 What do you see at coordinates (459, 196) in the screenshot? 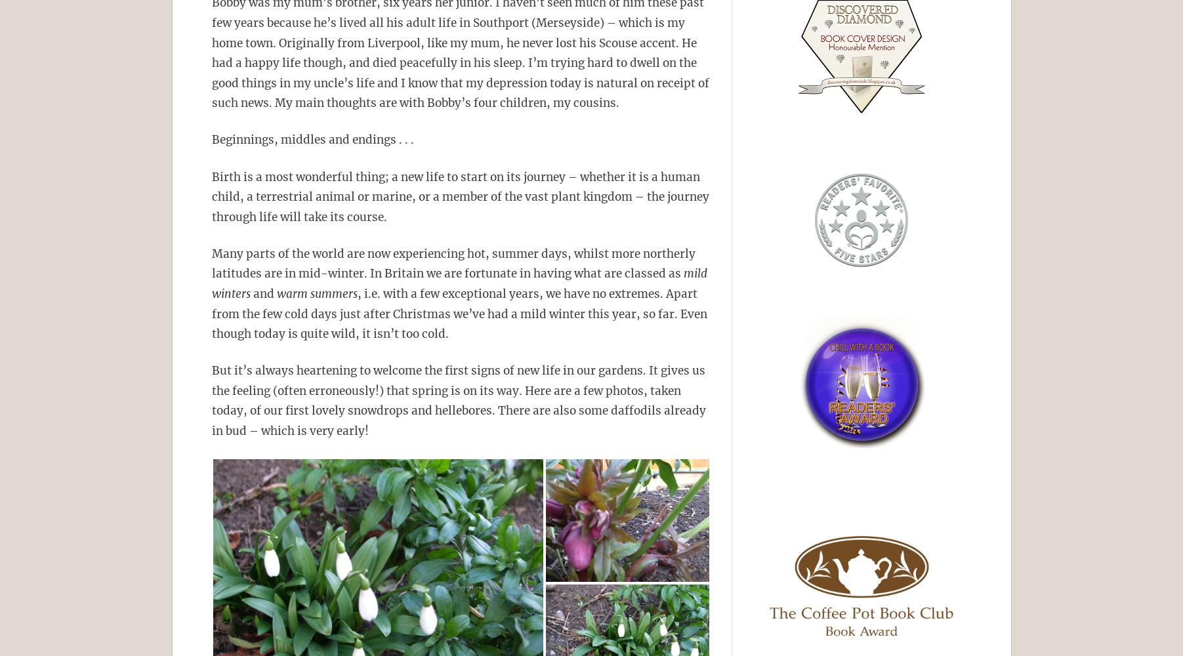
I see `'Birth is a most wonderful thing; a new life to start on its journey – whether it is a human child, a terrestrial animal or marine, or a member of the vast plant kingdom – the journey through life will take its course.'` at bounding box center [459, 196].